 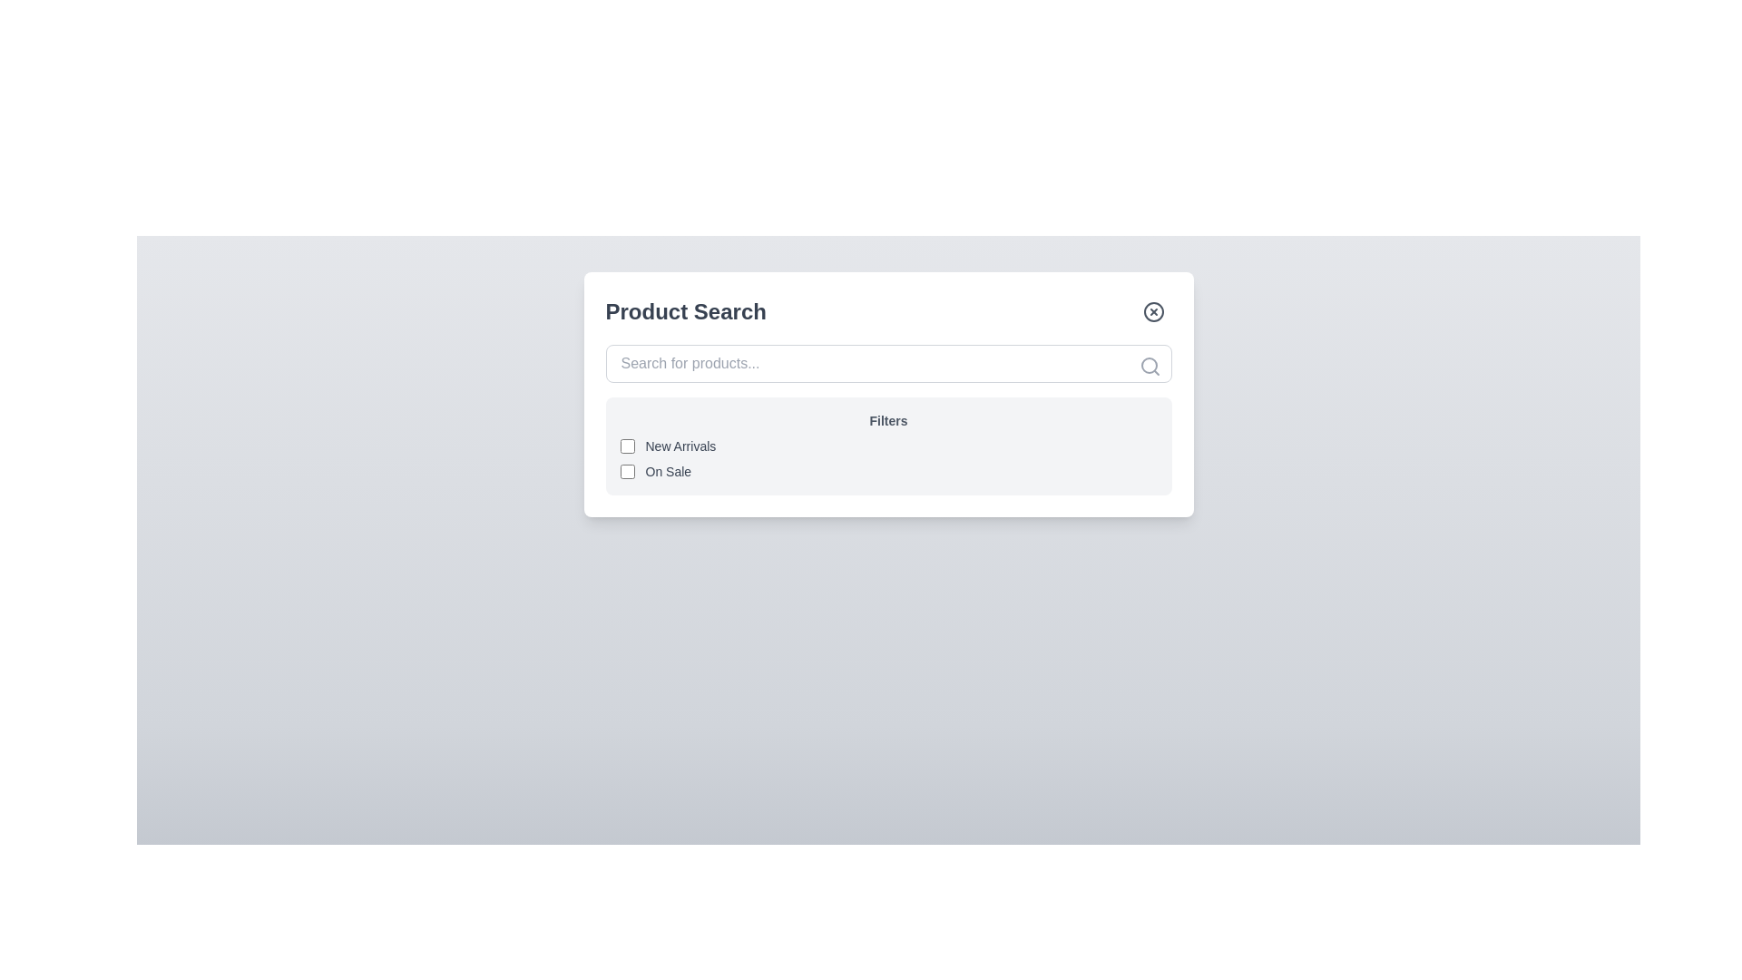 What do you see at coordinates (1148, 365) in the screenshot?
I see `the SVG circle component of the magnifying glass icon located at the right end of the 'Product Search' input bar` at bounding box center [1148, 365].